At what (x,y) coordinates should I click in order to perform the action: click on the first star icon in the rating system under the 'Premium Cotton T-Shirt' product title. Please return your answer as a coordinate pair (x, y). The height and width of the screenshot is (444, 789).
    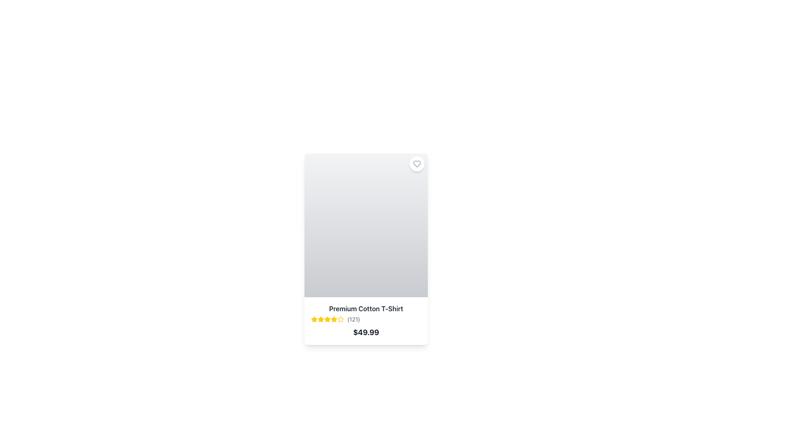
    Looking at the image, I should click on (314, 319).